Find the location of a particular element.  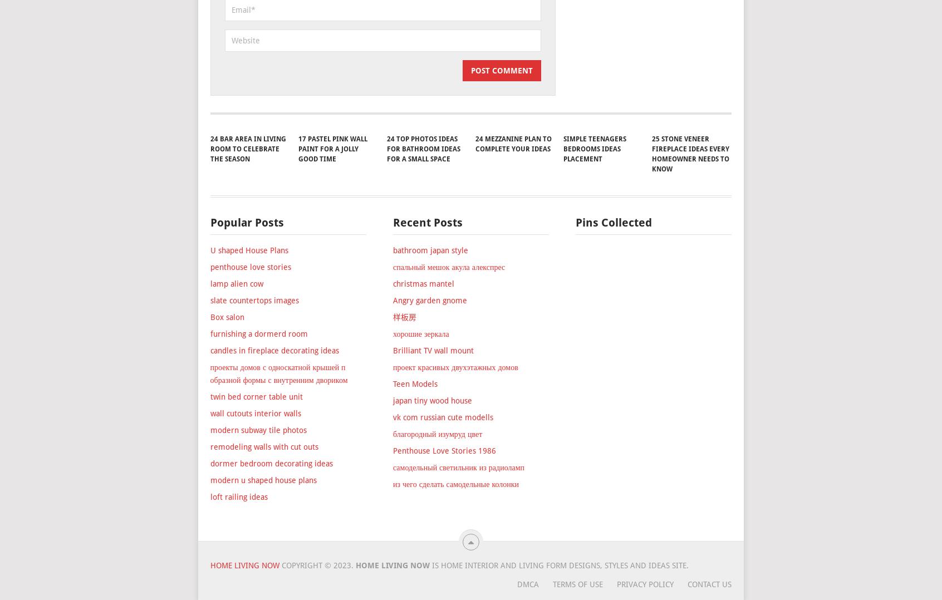

'Penthouse Love Stories 1986' is located at coordinates (444, 513).